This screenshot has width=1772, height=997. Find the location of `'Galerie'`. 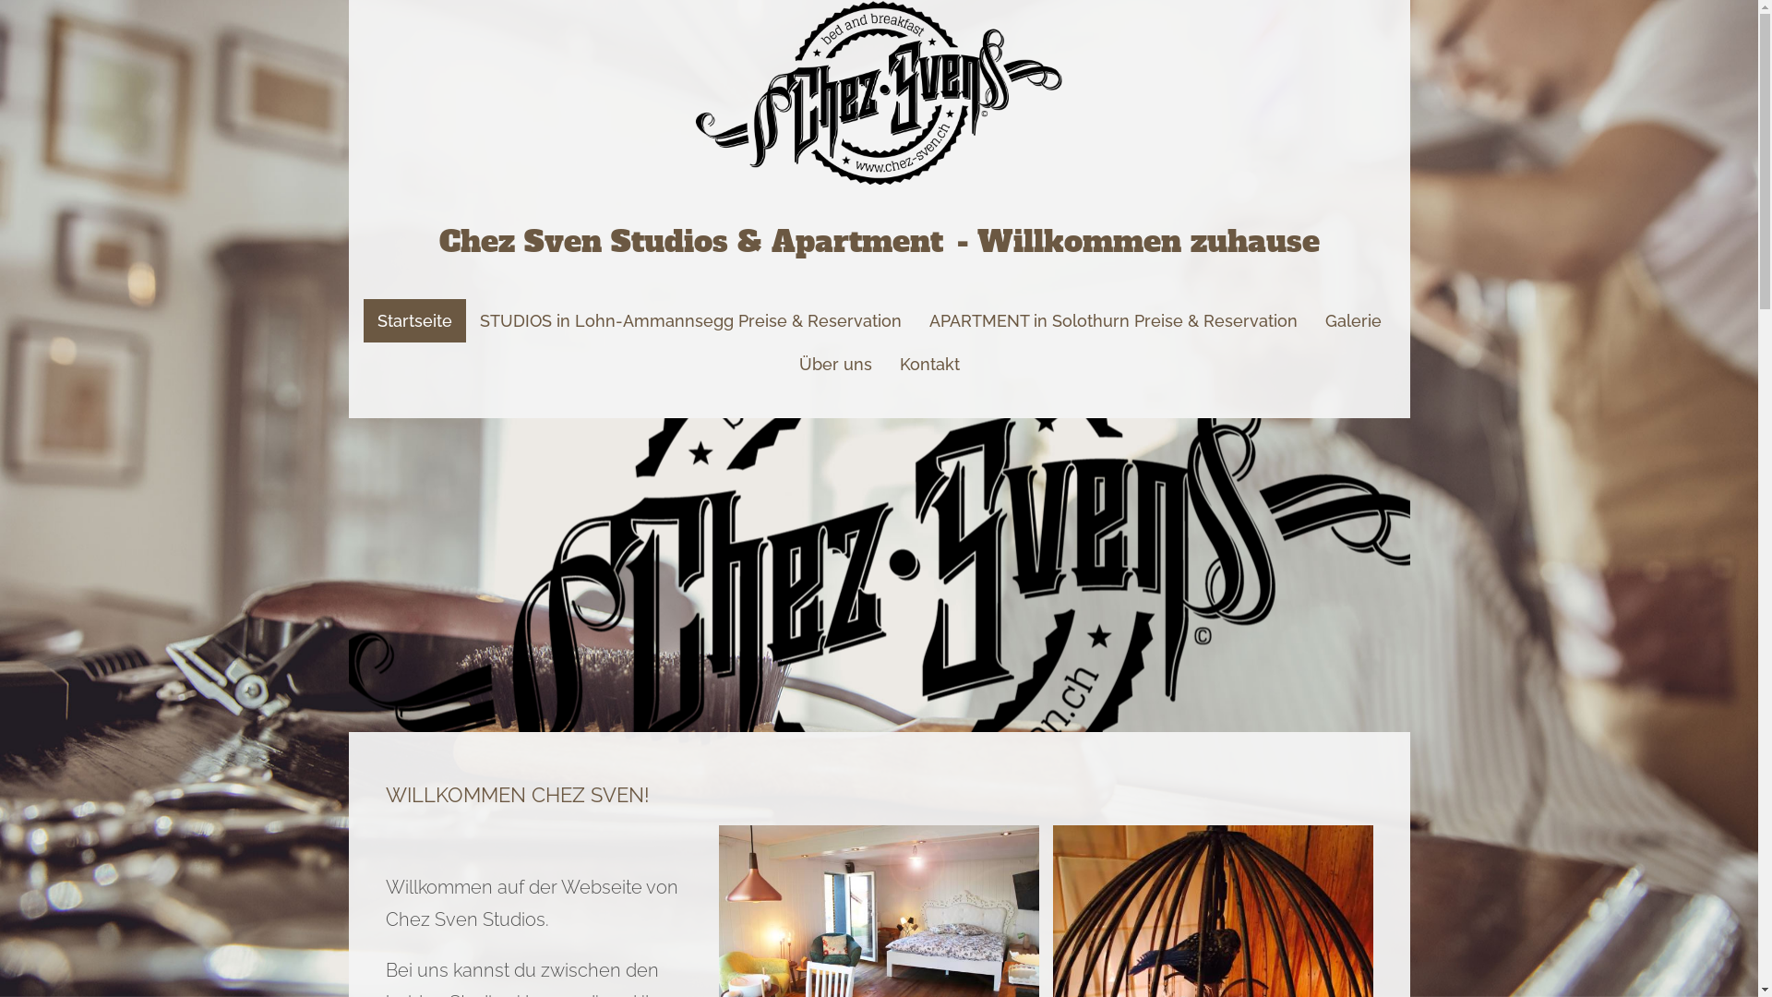

'Galerie' is located at coordinates (1352, 319).